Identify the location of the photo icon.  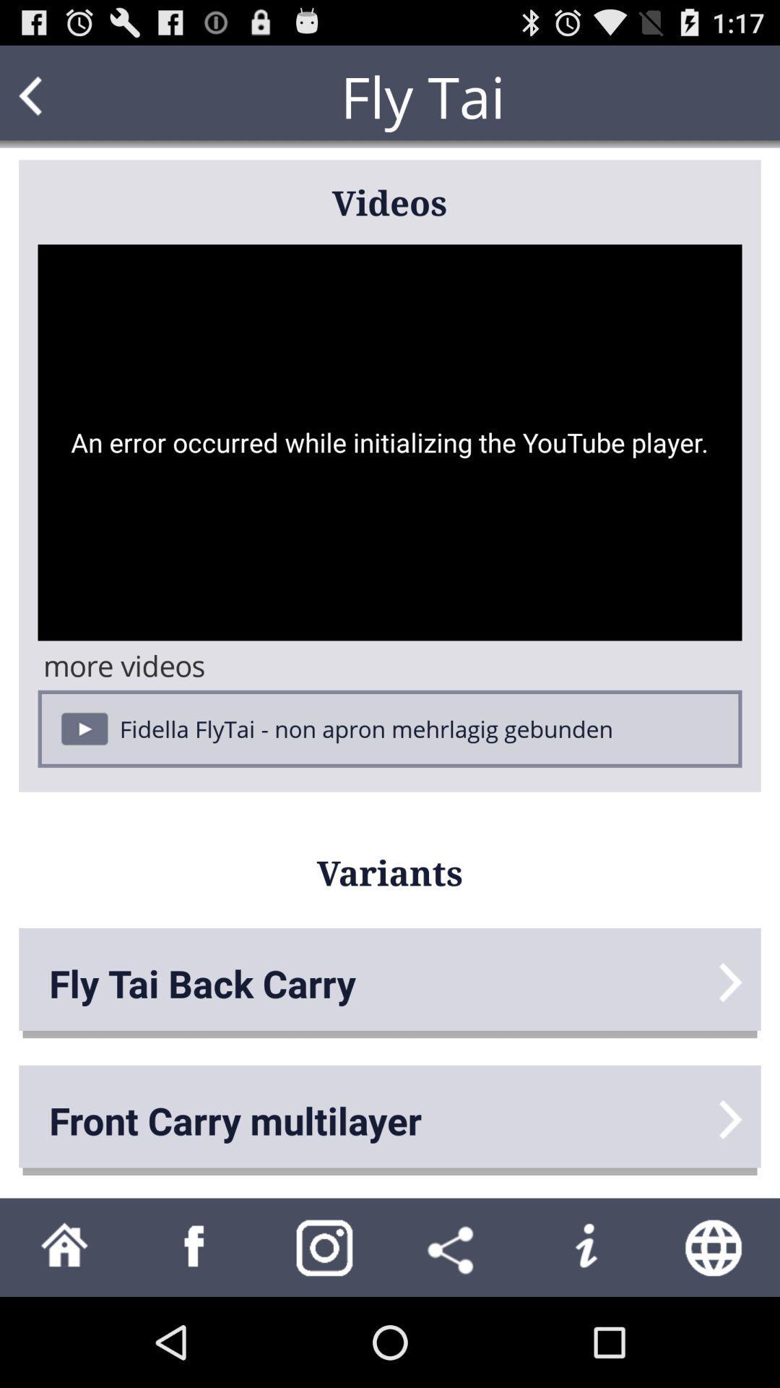
(325, 1335).